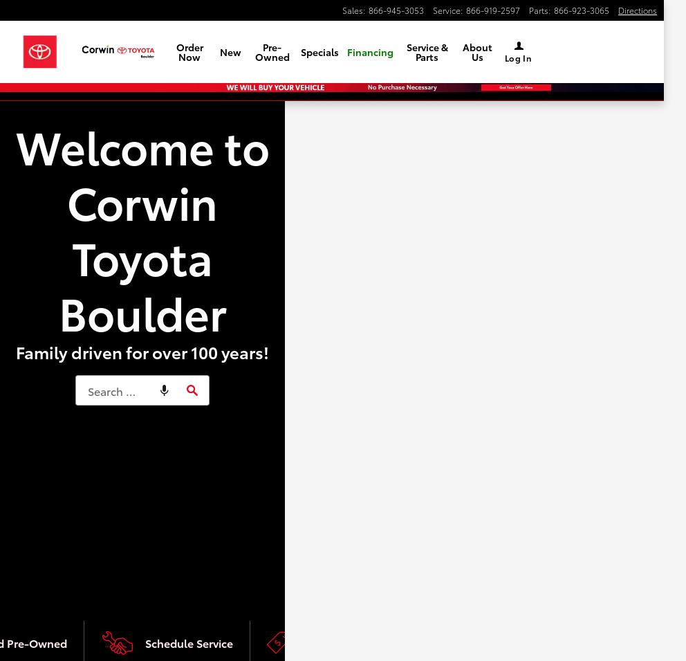 This screenshot has height=661, width=686. What do you see at coordinates (358, 642) in the screenshot?
I see `'See Current Specials'` at bounding box center [358, 642].